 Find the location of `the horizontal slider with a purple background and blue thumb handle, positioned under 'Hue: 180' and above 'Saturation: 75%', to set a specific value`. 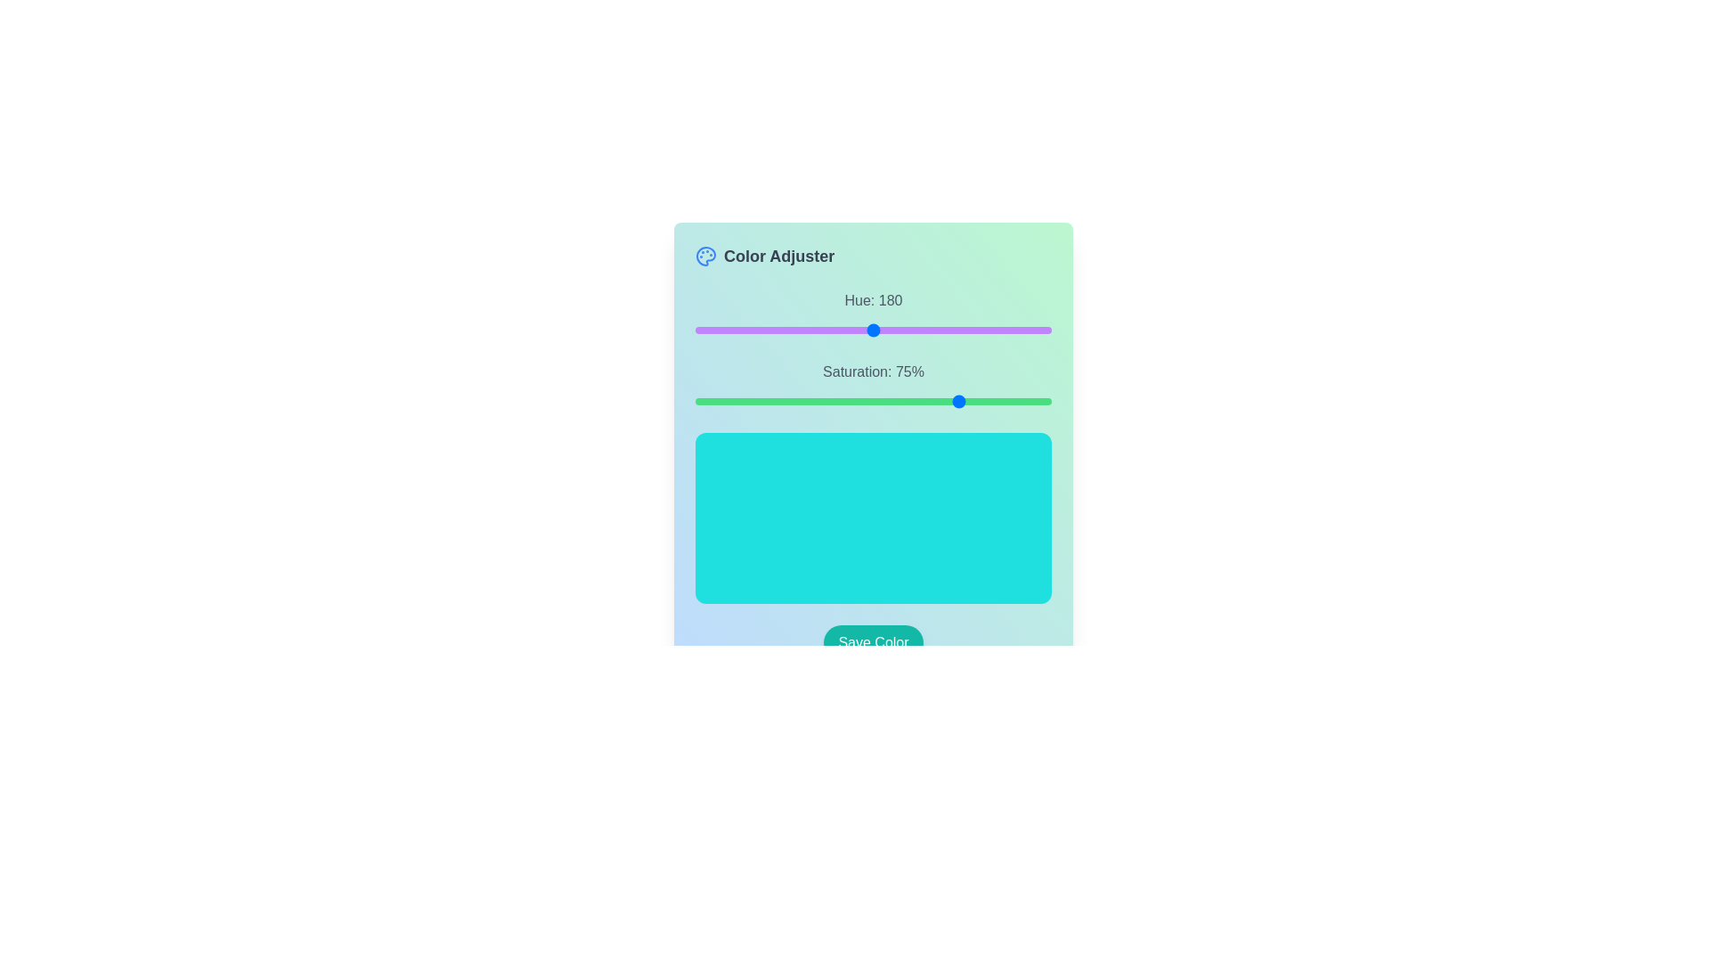

the horizontal slider with a purple background and blue thumb handle, positioned under 'Hue: 180' and above 'Saturation: 75%', to set a specific value is located at coordinates (873, 330).